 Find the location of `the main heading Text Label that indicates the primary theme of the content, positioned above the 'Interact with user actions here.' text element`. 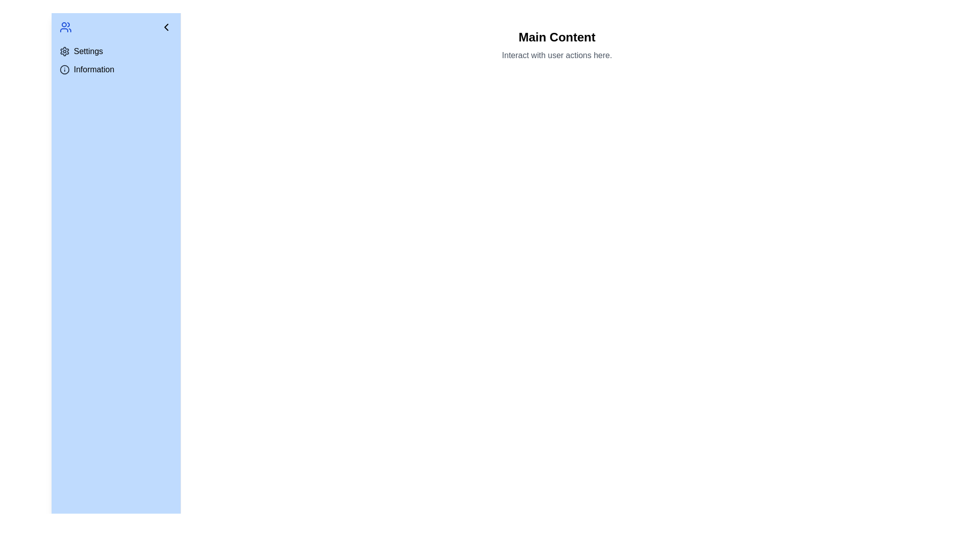

the main heading Text Label that indicates the primary theme of the content, positioned above the 'Interact with user actions here.' text element is located at coordinates (556, 36).